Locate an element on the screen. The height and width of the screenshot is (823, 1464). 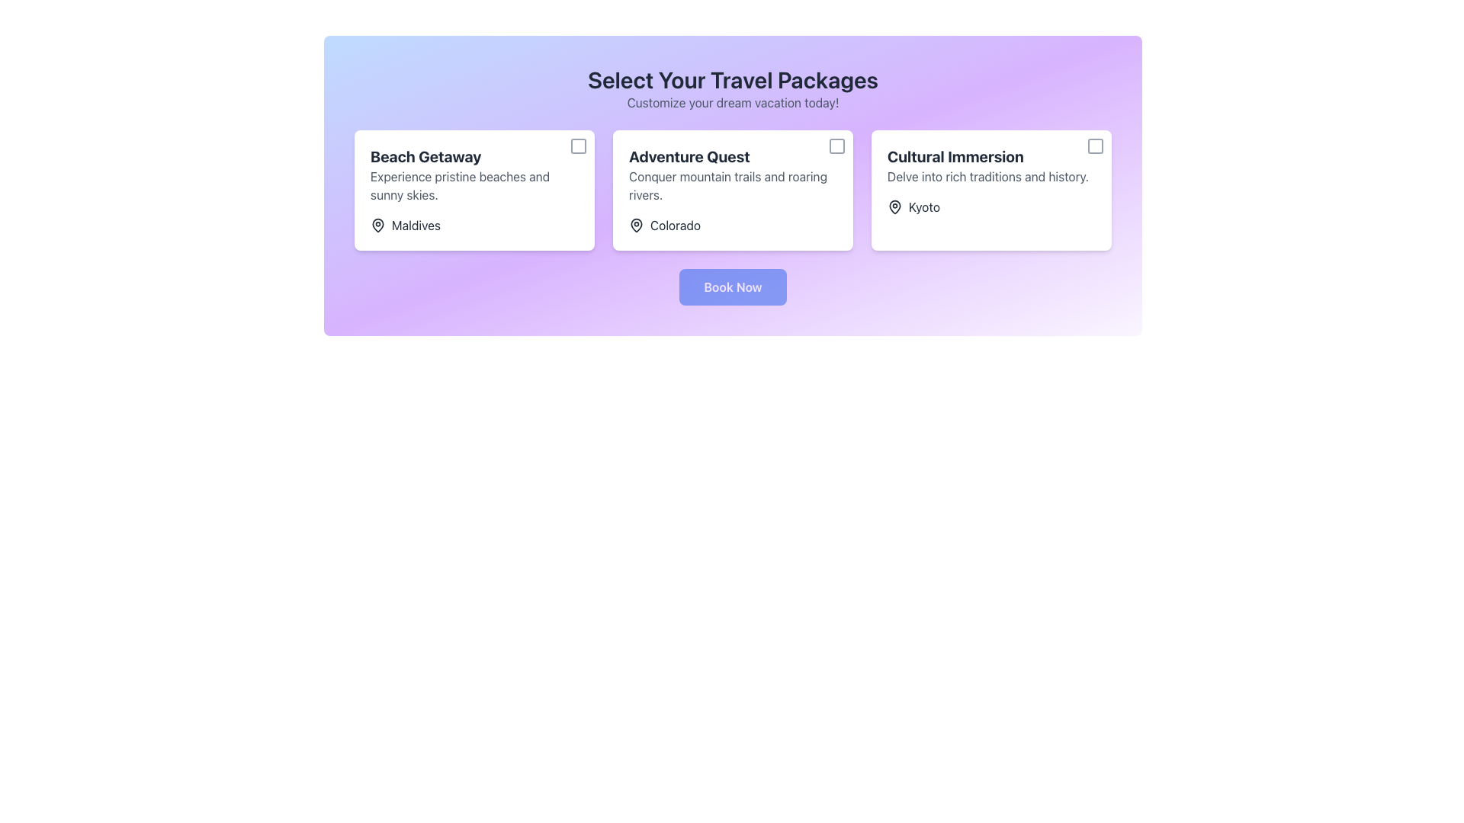
the 'Book Now' button, which is a rectangular button with rounded corners and a blue background, located centrally below the travel package descriptions section is located at coordinates (733, 287).